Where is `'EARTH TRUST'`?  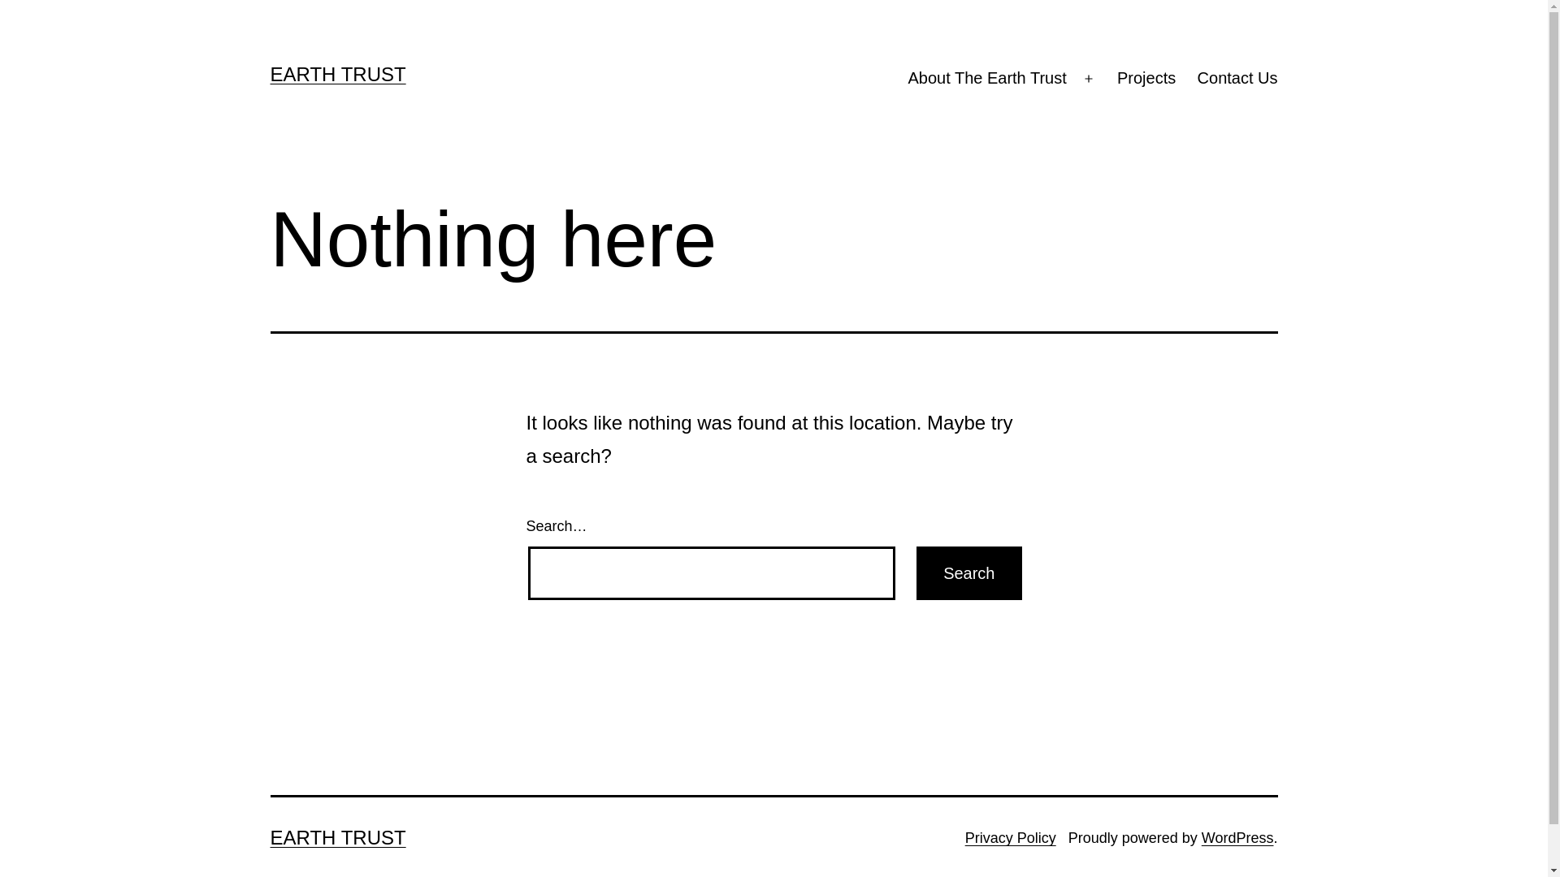 'EARTH TRUST' is located at coordinates (336, 837).